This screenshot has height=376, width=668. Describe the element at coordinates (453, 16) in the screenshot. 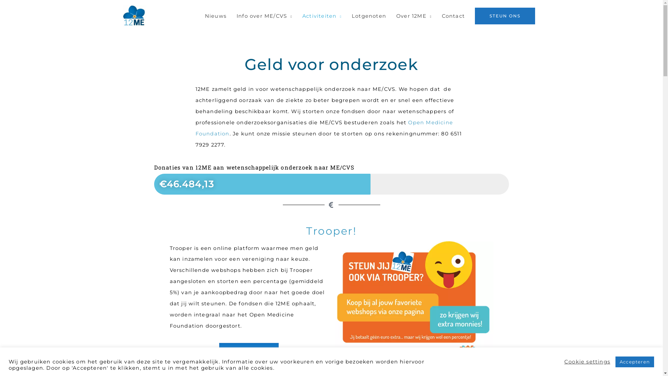

I see `'Contact'` at that location.